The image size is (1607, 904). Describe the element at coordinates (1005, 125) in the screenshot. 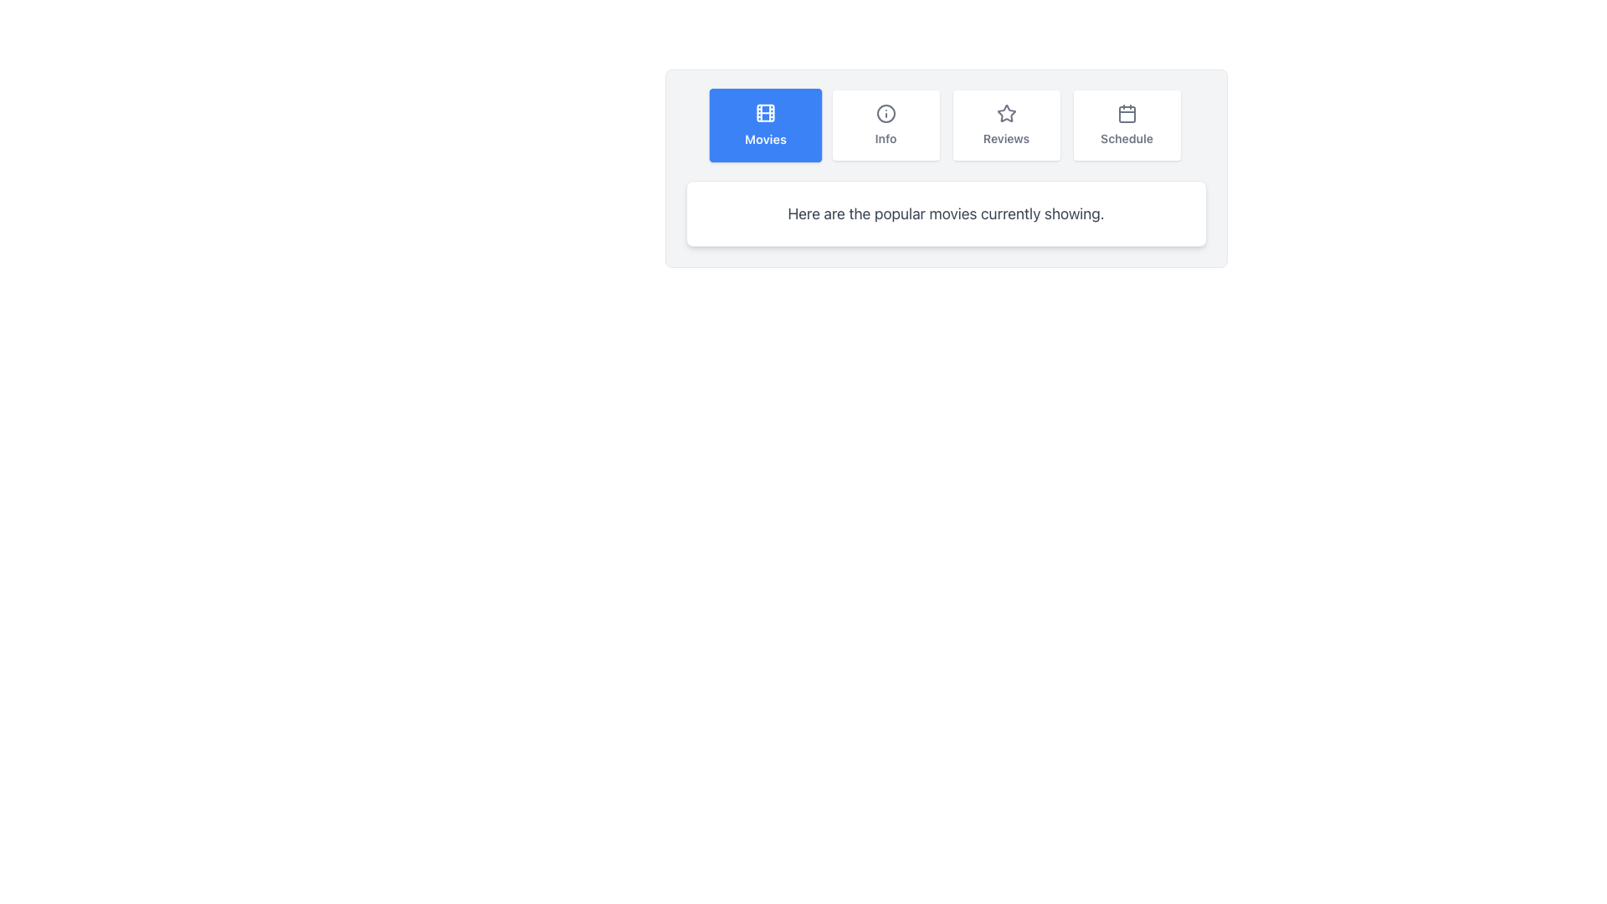

I see `the 'Reviews' button, which is a rectangular button with a white background and gray text, located between the 'Info' and 'Schedule' buttons in a horizontal arrangement` at that location.